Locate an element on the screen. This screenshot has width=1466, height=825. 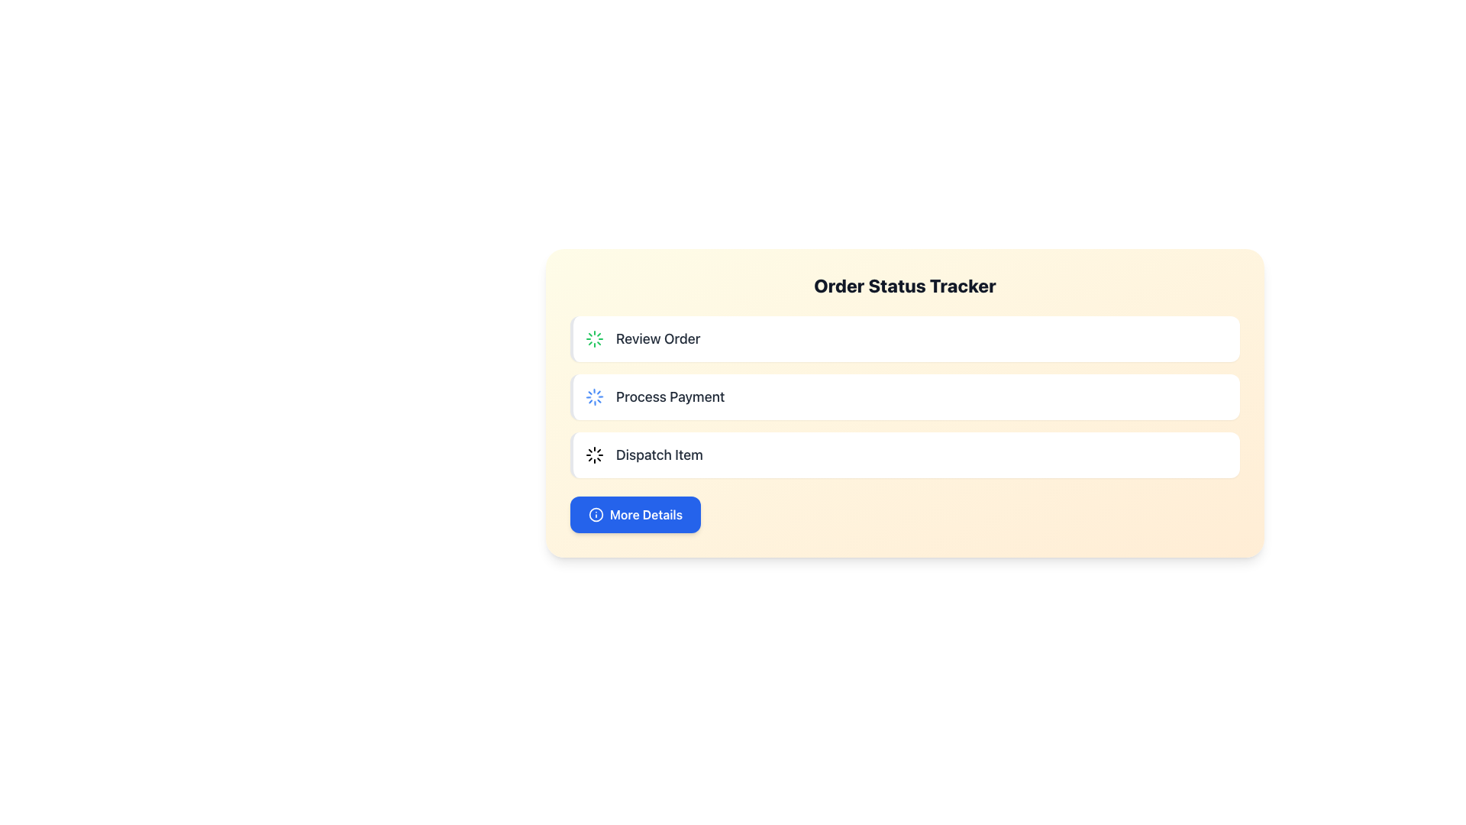
the button located at the bottom of the 'Order Status Tracker' section is located at coordinates (635, 515).